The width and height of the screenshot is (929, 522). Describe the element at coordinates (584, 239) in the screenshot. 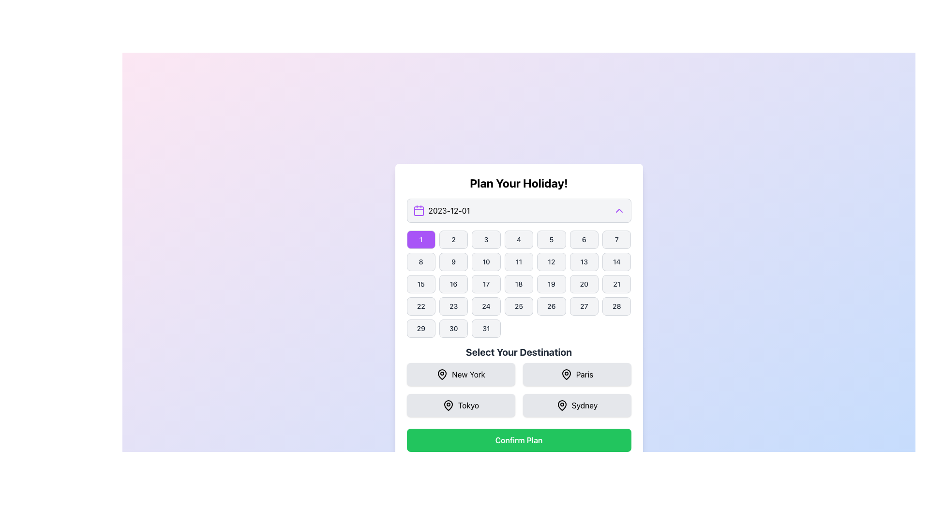

I see `the selectable calendar day button corresponding to the date '6'` at that location.